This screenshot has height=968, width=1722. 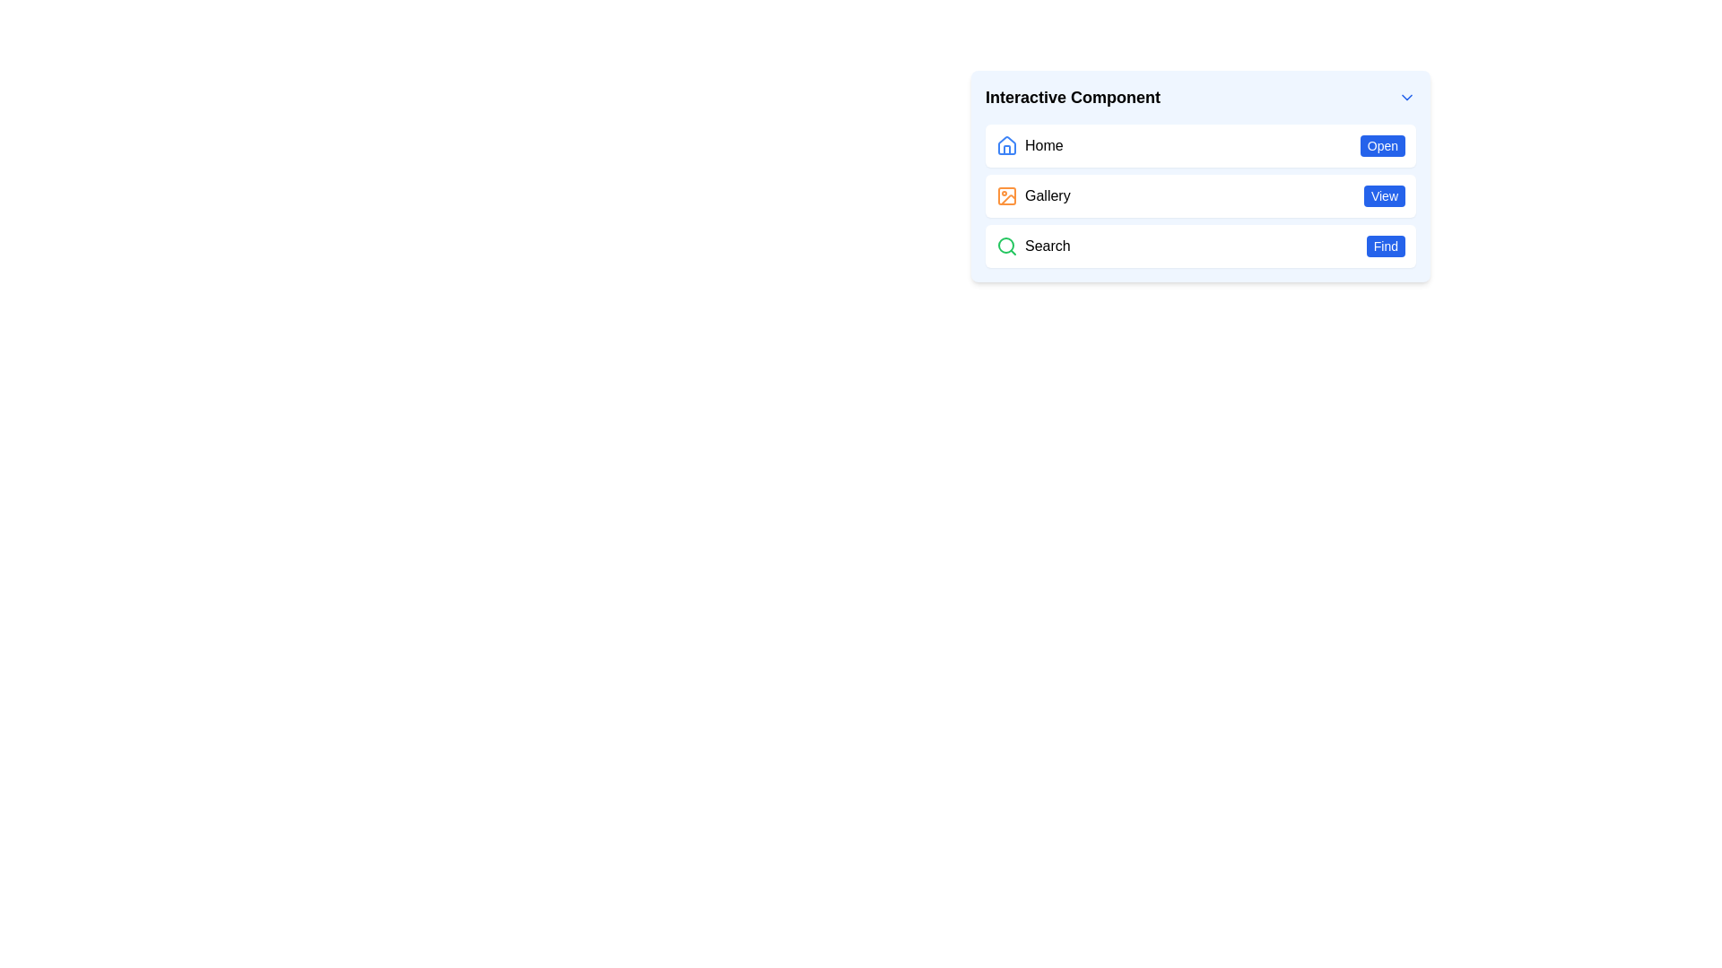 I want to click on the chevron-right icon styled in blue located at the upper-right corner of the 'Interactive Component' header, so click(x=1406, y=97).